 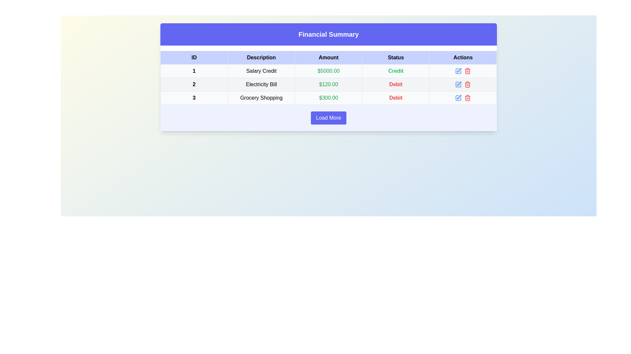 What do you see at coordinates (328, 71) in the screenshot?
I see `the green-colored static text element displaying '$5000.00', which is located in the third column of the first row within a financial summary table` at bounding box center [328, 71].